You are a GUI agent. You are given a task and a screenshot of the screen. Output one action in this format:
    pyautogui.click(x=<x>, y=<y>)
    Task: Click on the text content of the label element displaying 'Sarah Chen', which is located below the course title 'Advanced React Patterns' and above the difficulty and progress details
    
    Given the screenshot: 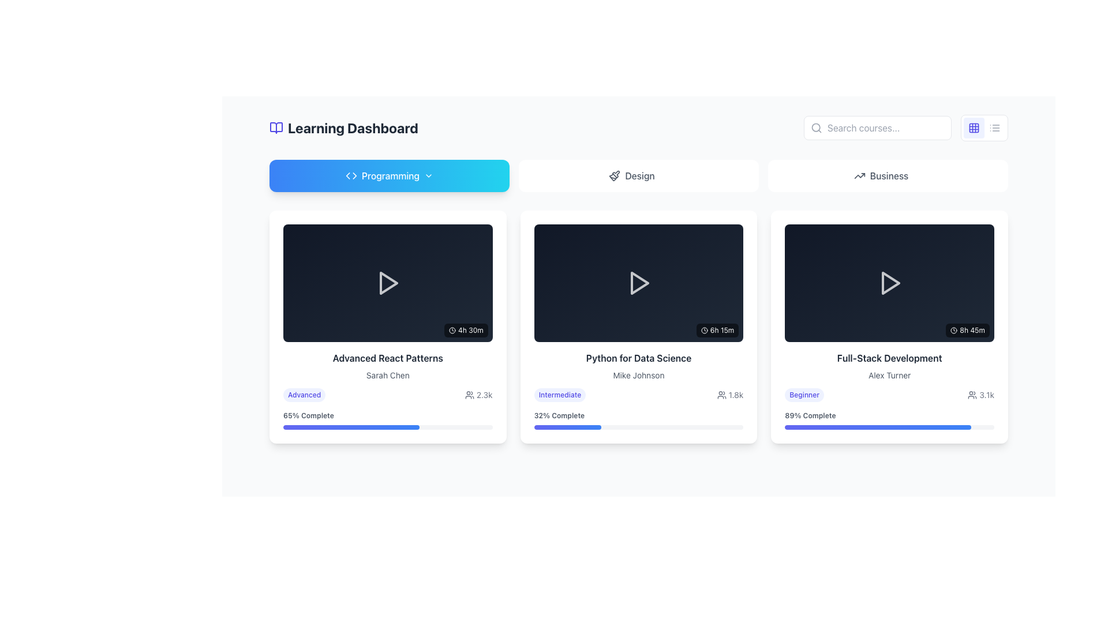 What is the action you would take?
    pyautogui.click(x=388, y=376)
    